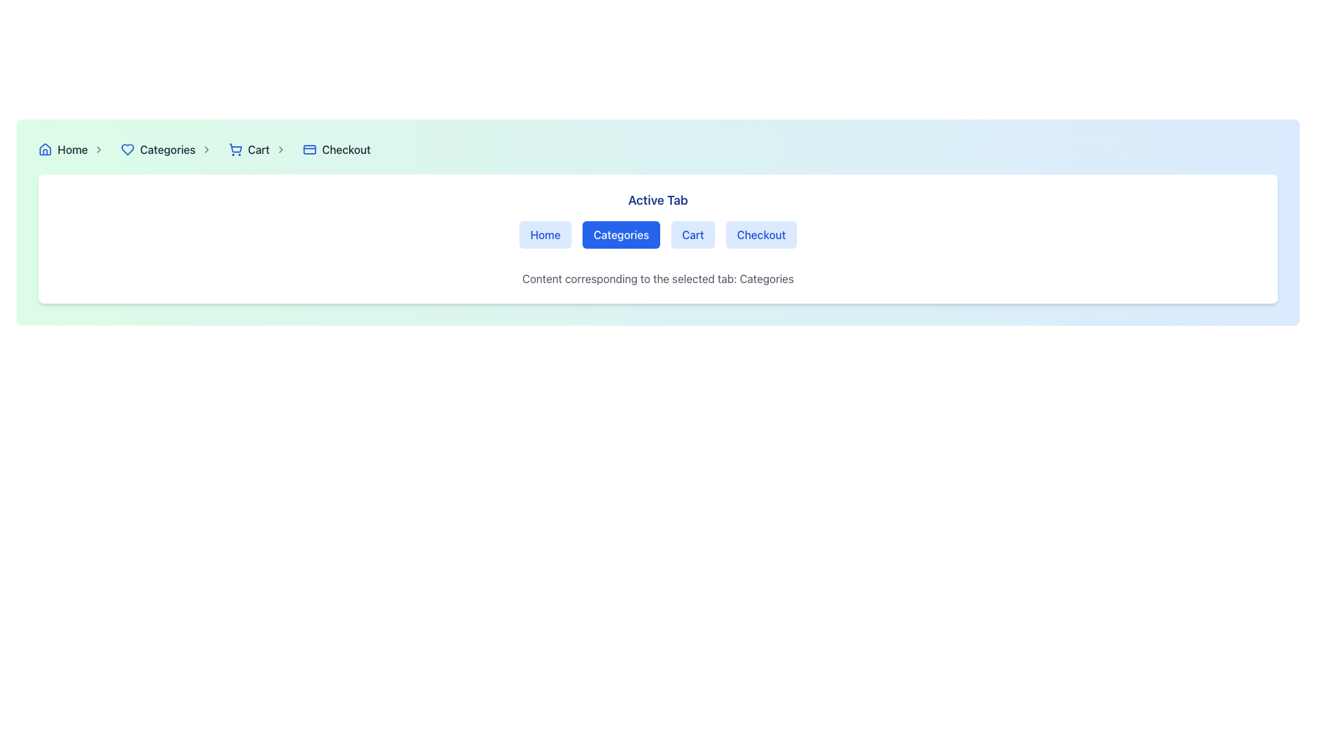 The image size is (1319, 742). I want to click on the second navigation button, so click(620, 234).